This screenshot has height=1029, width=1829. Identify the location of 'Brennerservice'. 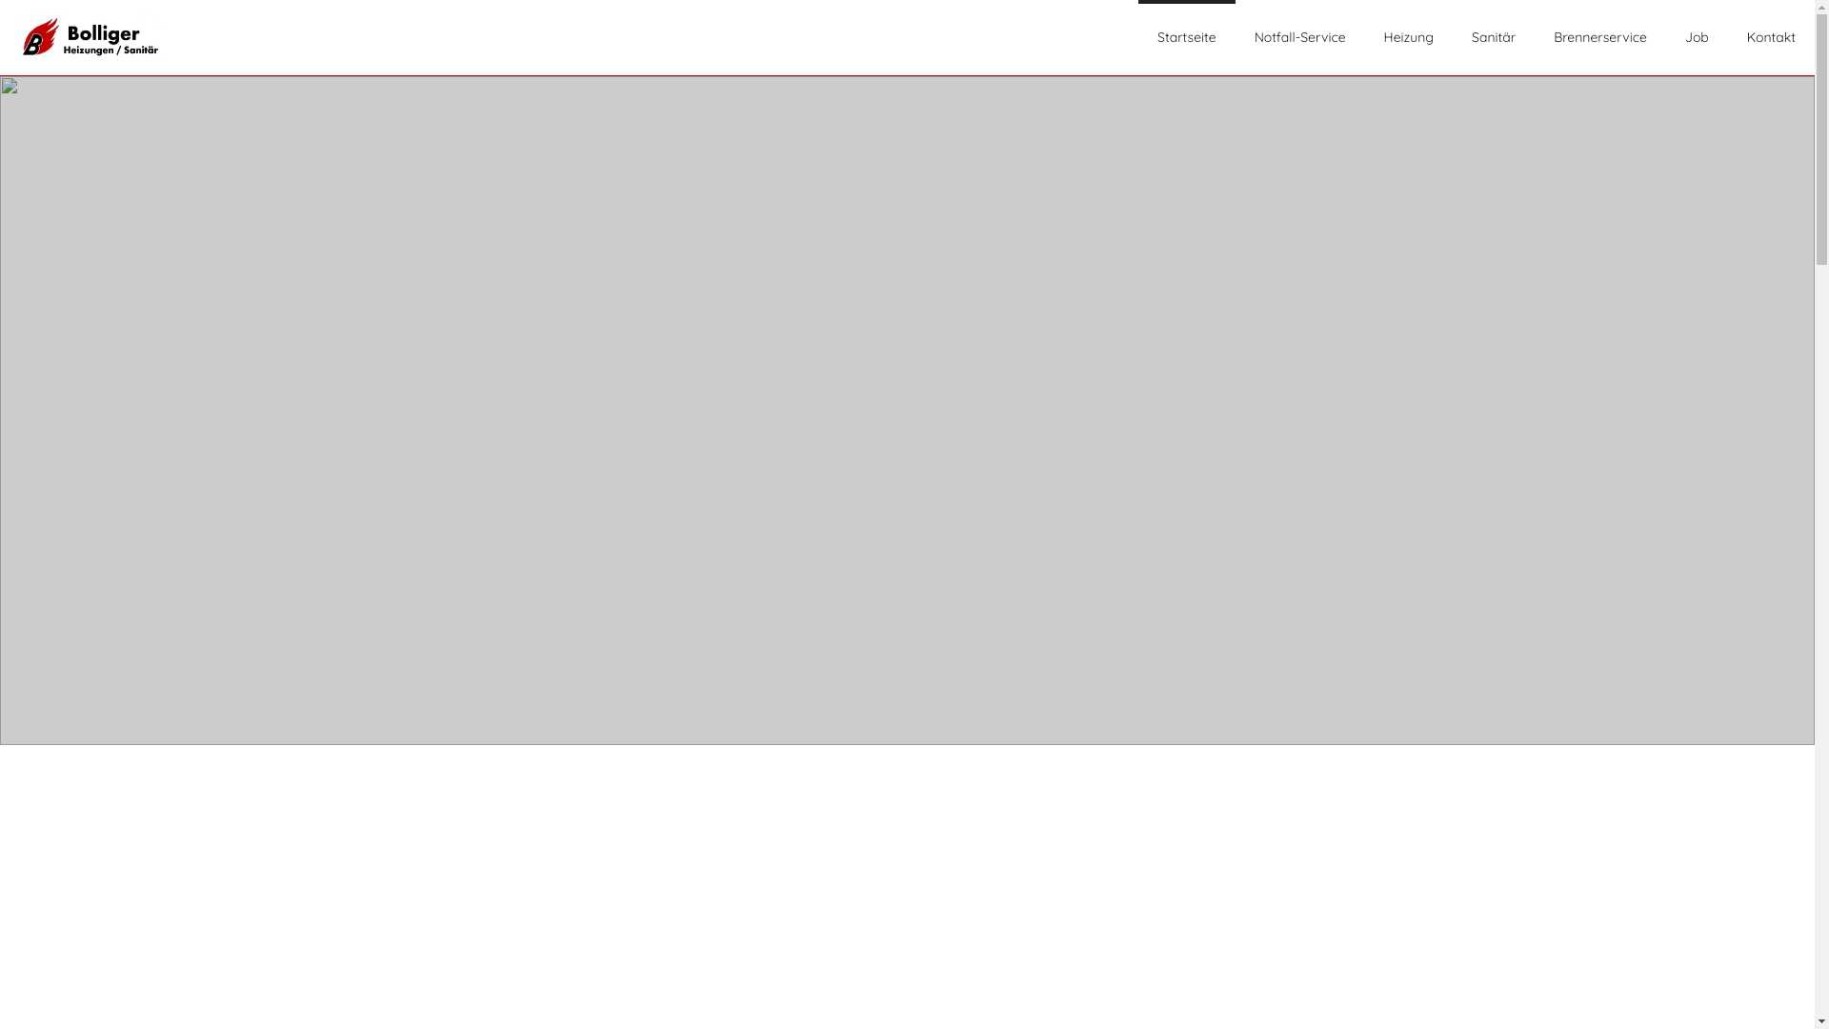
(1554, 37).